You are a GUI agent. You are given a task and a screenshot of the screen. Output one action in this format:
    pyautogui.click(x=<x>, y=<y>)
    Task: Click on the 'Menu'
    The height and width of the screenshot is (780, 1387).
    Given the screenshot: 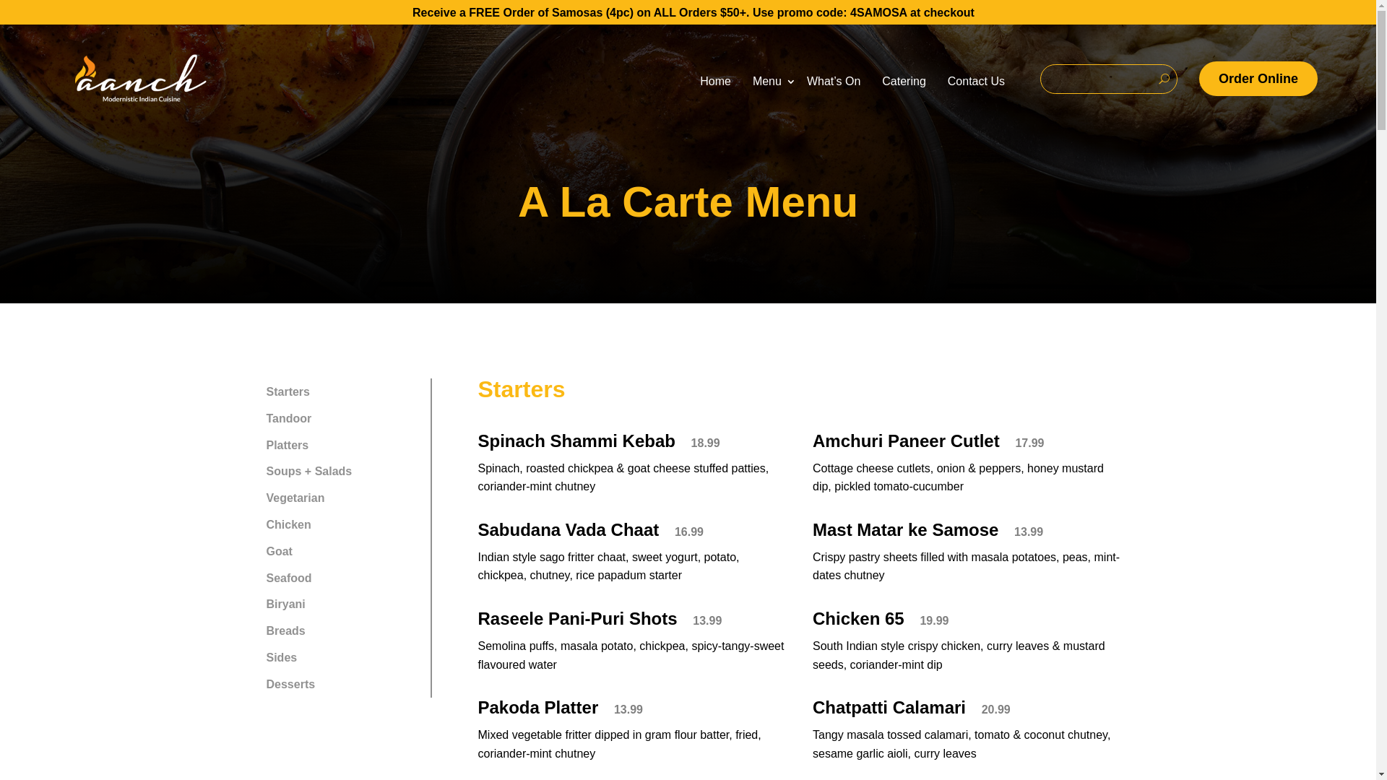 What is the action you would take?
    pyautogui.click(x=768, y=81)
    